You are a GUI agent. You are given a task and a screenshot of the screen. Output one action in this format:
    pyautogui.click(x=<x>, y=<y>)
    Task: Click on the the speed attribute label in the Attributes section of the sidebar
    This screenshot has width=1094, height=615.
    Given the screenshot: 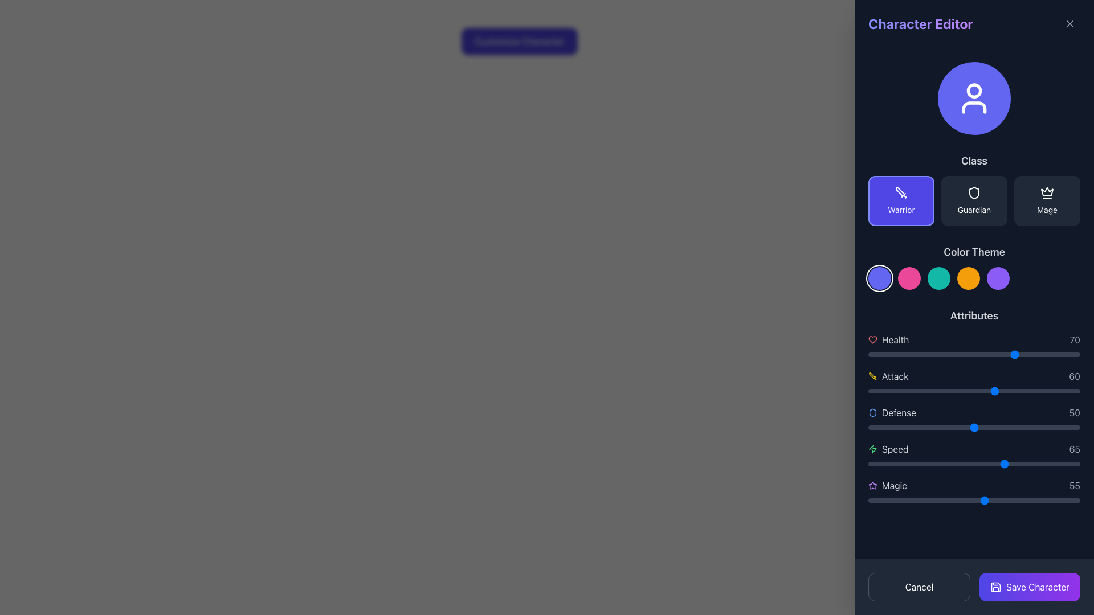 What is the action you would take?
    pyautogui.click(x=895, y=449)
    